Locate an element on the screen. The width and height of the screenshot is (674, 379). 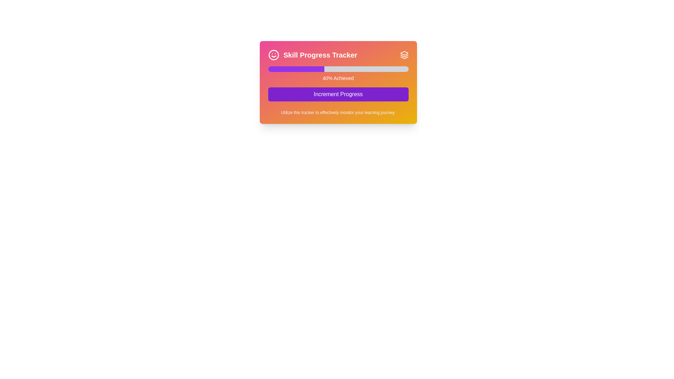
the circular SVG element that forms the outer boundary of the smiley face icon in the top left corner of the 'Skill Progress Tracker' card is located at coordinates (273, 55).